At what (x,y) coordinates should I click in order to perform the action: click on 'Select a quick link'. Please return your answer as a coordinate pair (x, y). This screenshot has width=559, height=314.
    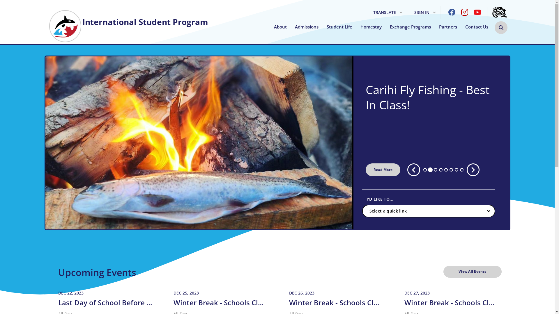
    Looking at the image, I should click on (429, 211).